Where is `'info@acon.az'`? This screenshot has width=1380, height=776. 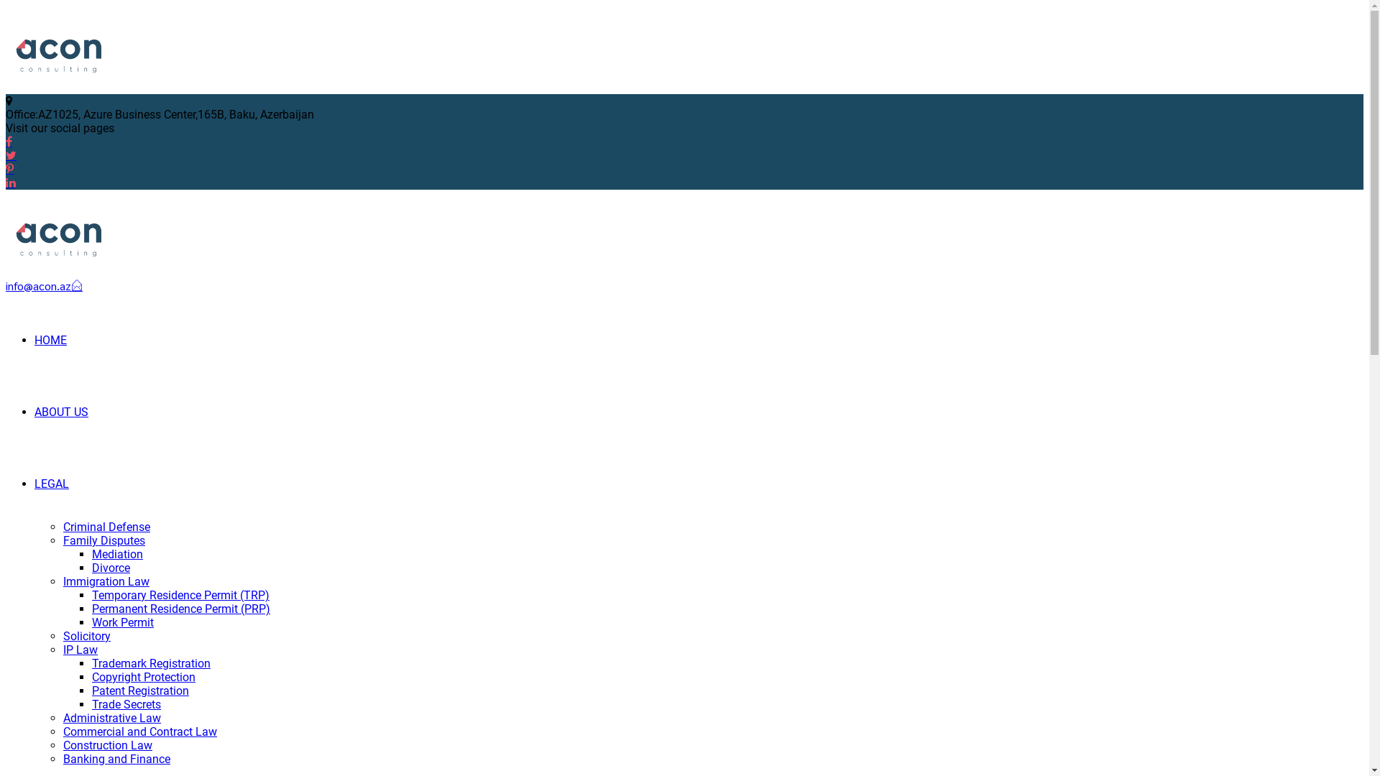
'info@acon.az' is located at coordinates (44, 286).